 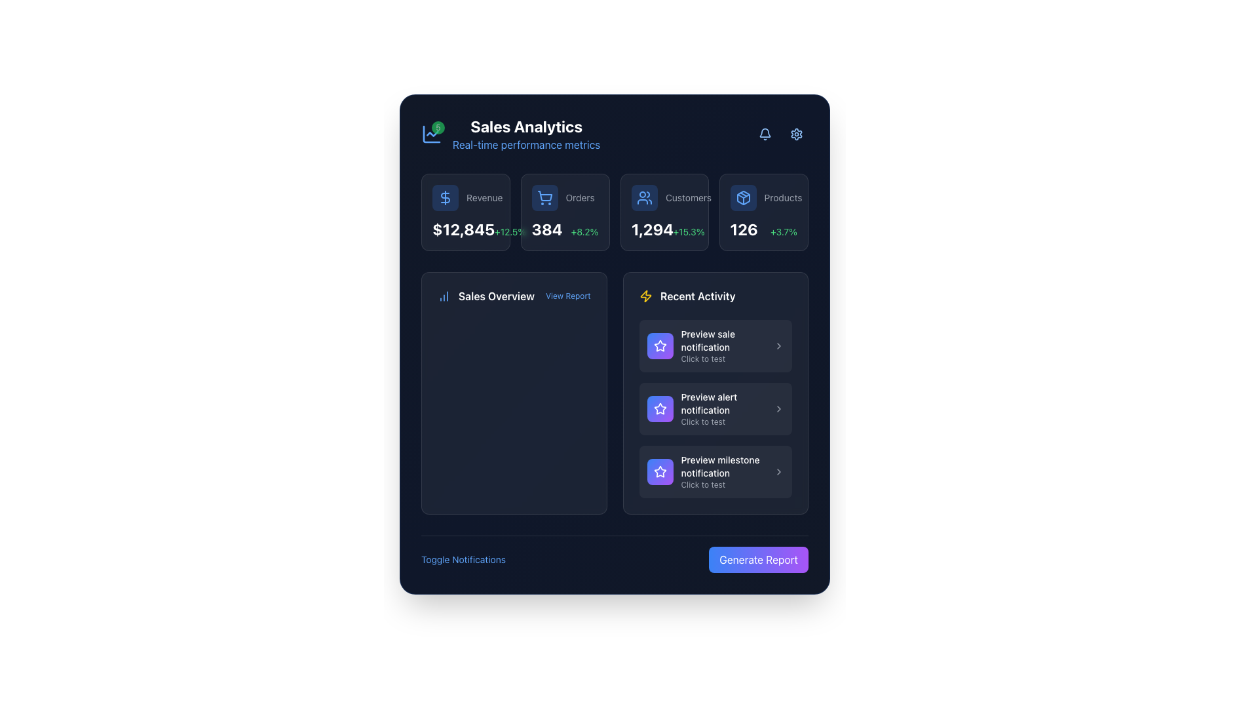 What do you see at coordinates (779, 408) in the screenshot?
I see `the right-facing chevron icon styled as an SVG located in the second item of the 'Recent Activity' section, adjacent to the 'Preview alert notification' text, for navigation` at bounding box center [779, 408].